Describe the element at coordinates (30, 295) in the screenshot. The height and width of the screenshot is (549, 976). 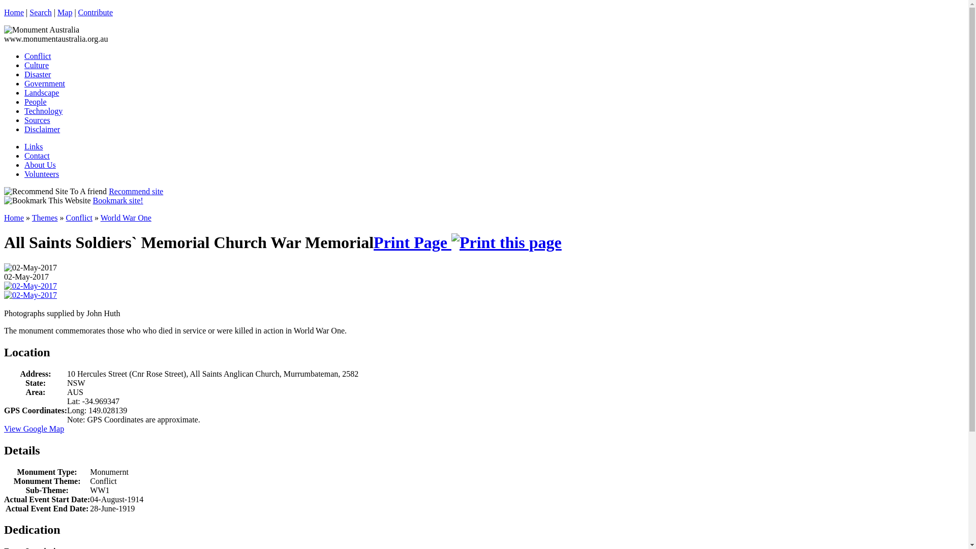
I see `'02-May-2017'` at that location.